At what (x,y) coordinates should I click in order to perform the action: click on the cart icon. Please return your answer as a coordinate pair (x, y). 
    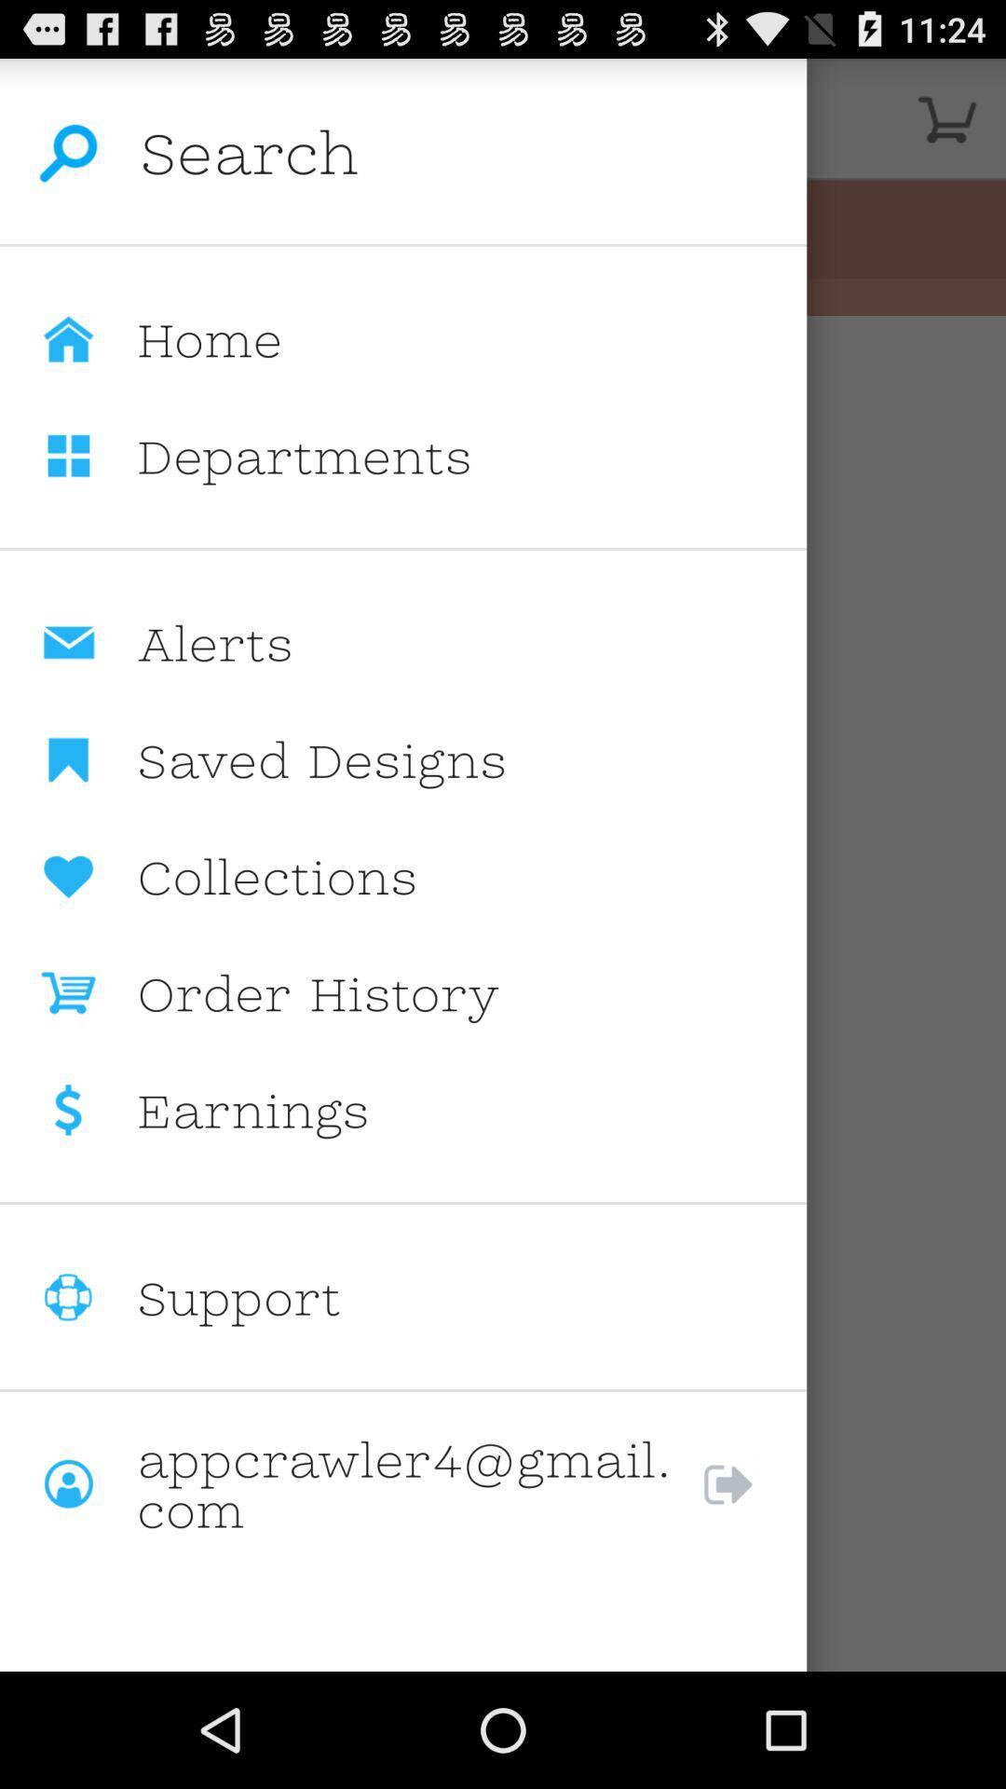
    Looking at the image, I should click on (947, 127).